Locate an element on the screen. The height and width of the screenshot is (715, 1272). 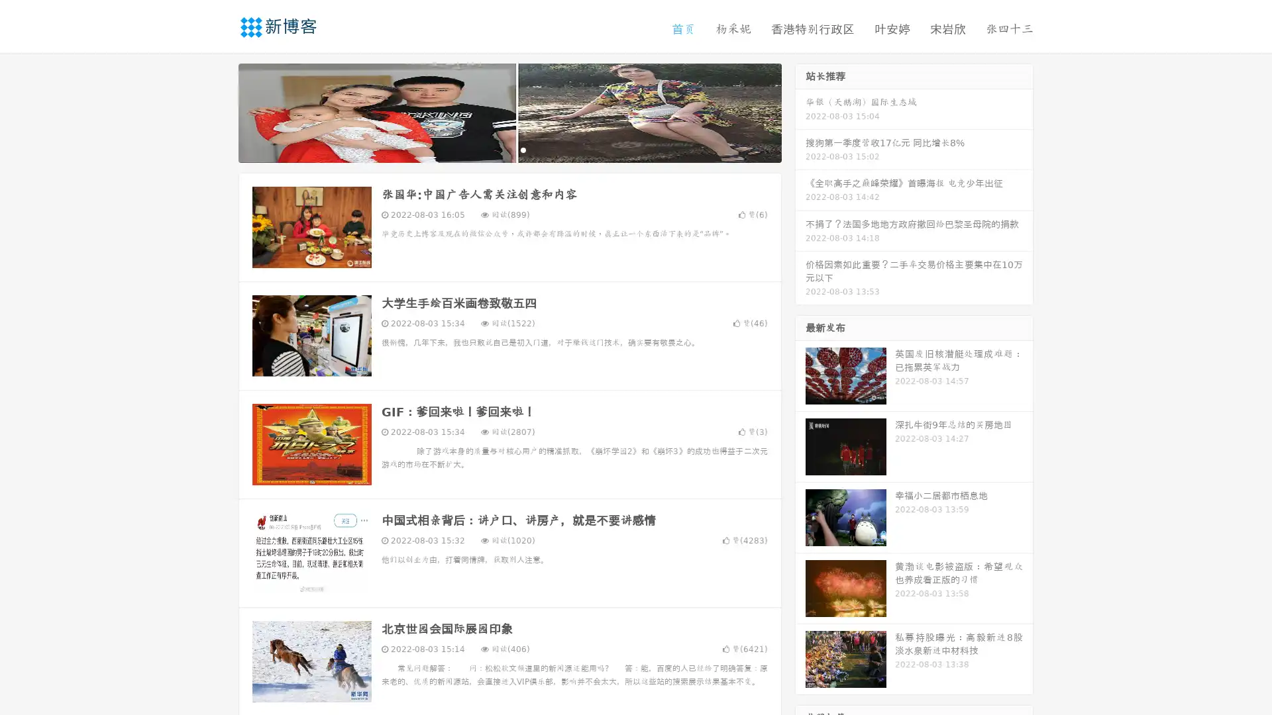
Go to slide 3 is located at coordinates (523, 149).